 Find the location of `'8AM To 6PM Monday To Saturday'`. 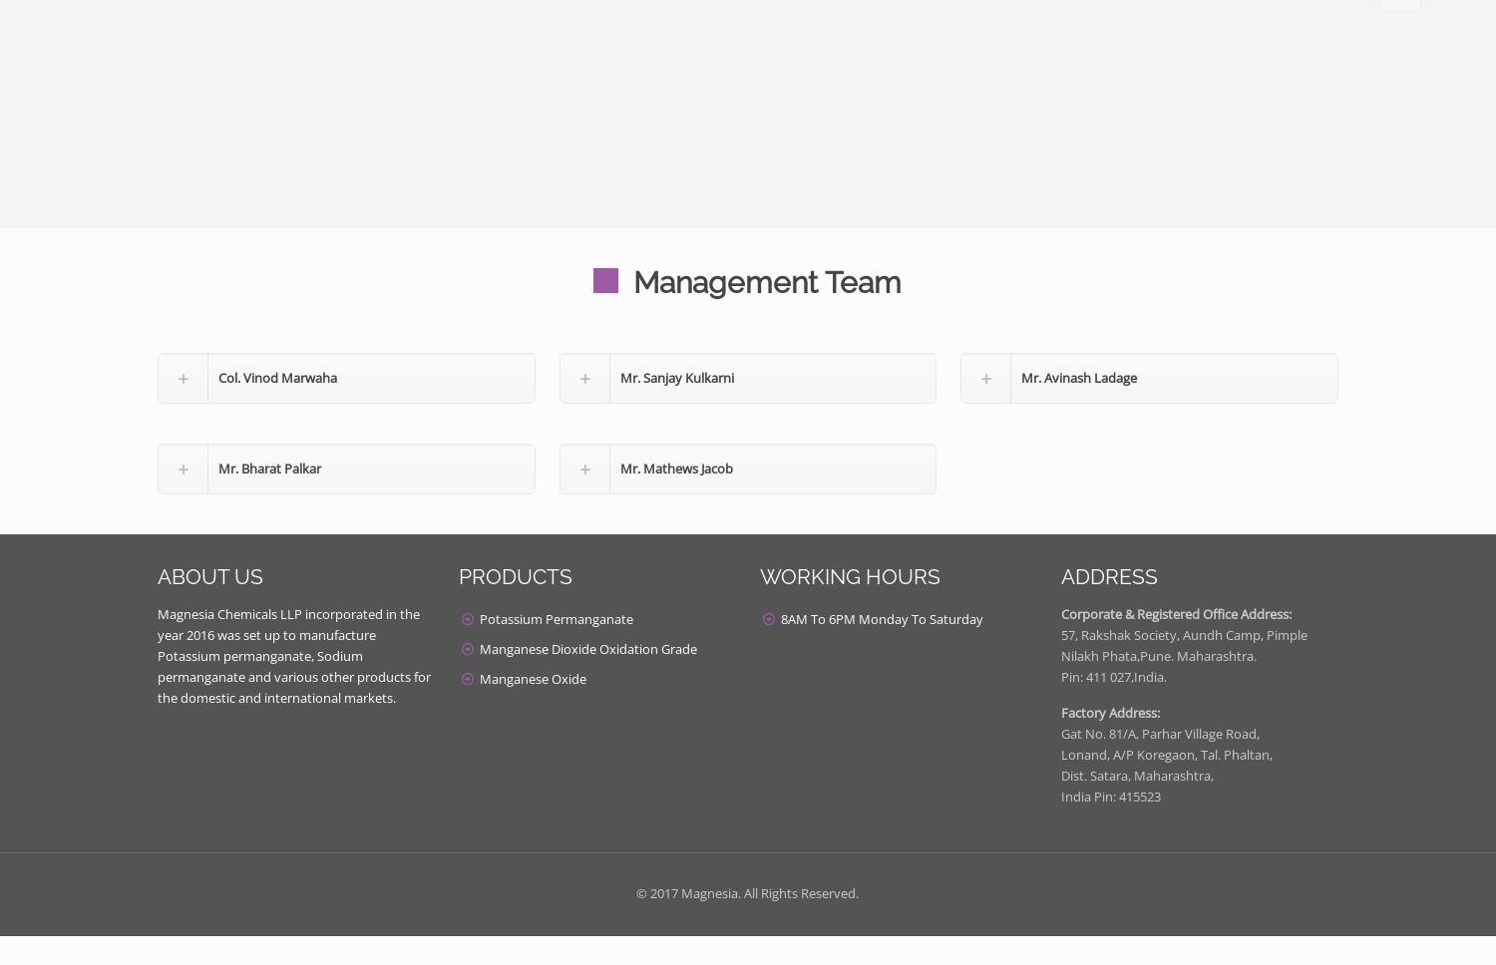

'8AM To 6PM Monday To Saturday' is located at coordinates (882, 617).